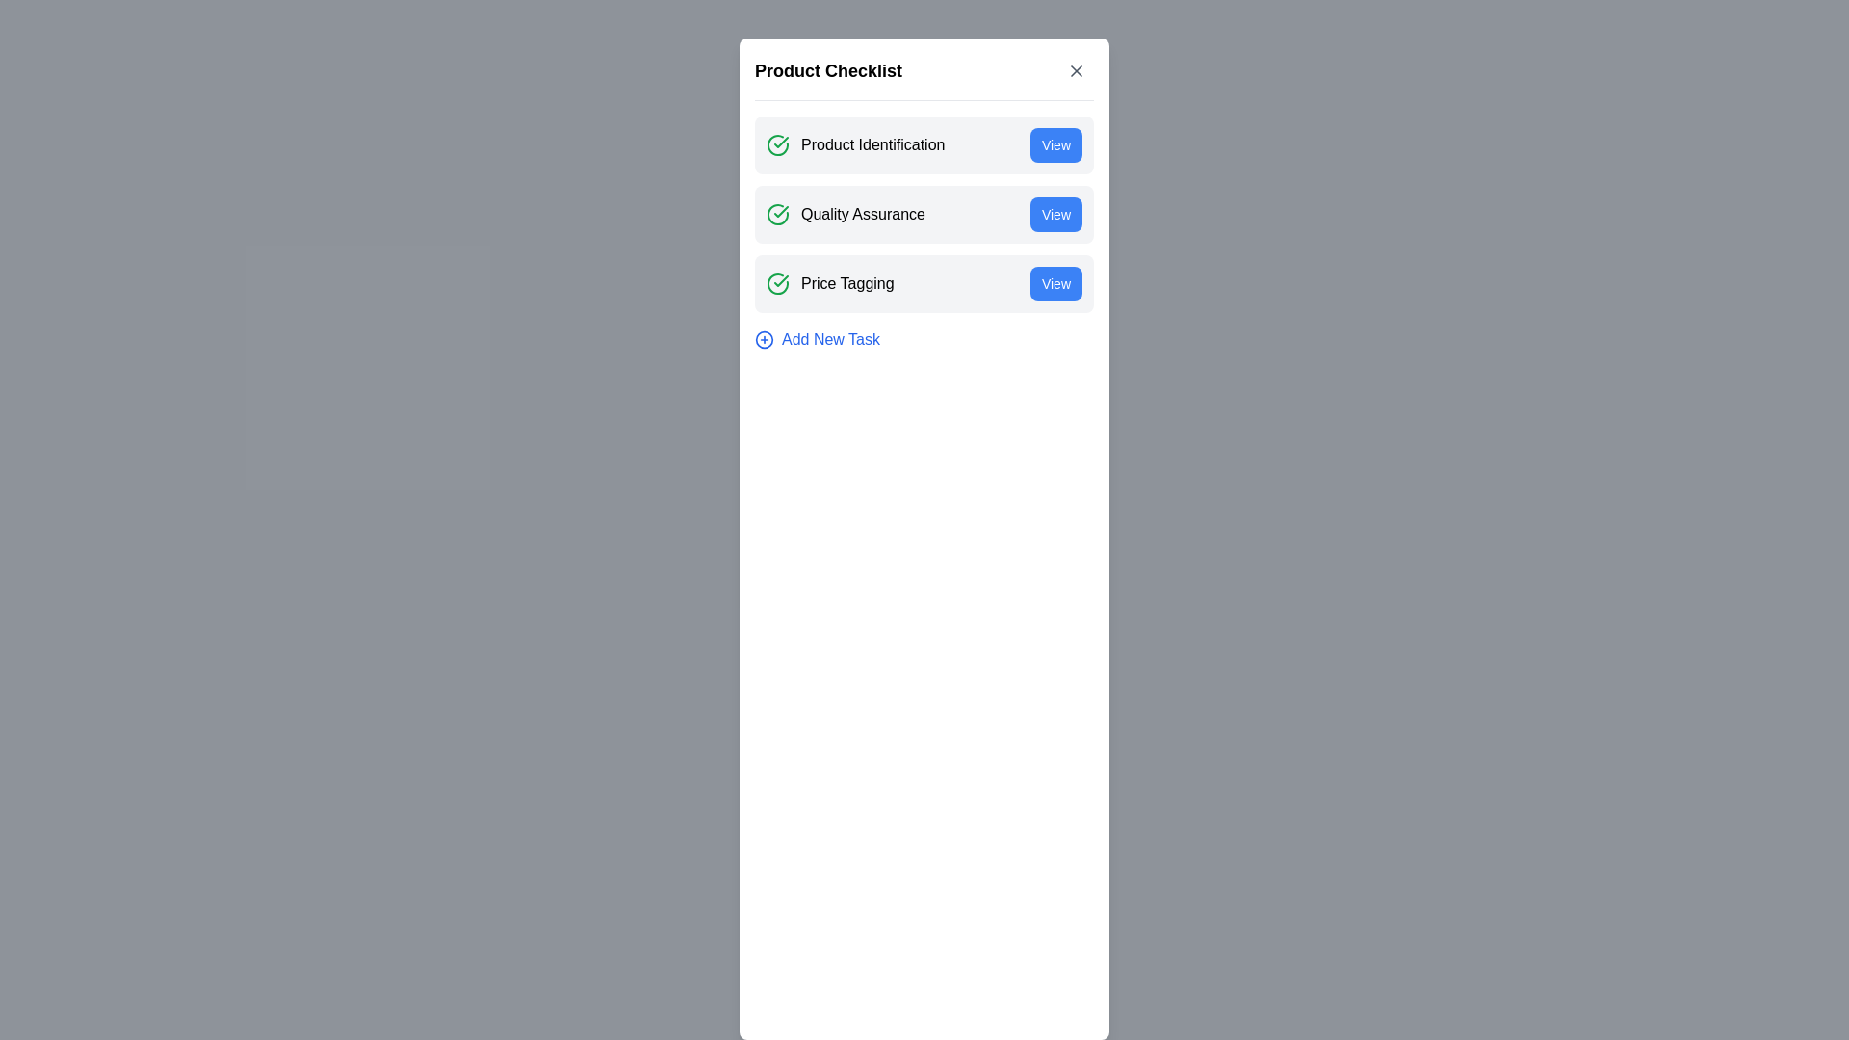 The image size is (1849, 1040). Describe the element at coordinates (1055, 283) in the screenshot. I see `the rectangular button with rounded corners labeled 'View'` at that location.